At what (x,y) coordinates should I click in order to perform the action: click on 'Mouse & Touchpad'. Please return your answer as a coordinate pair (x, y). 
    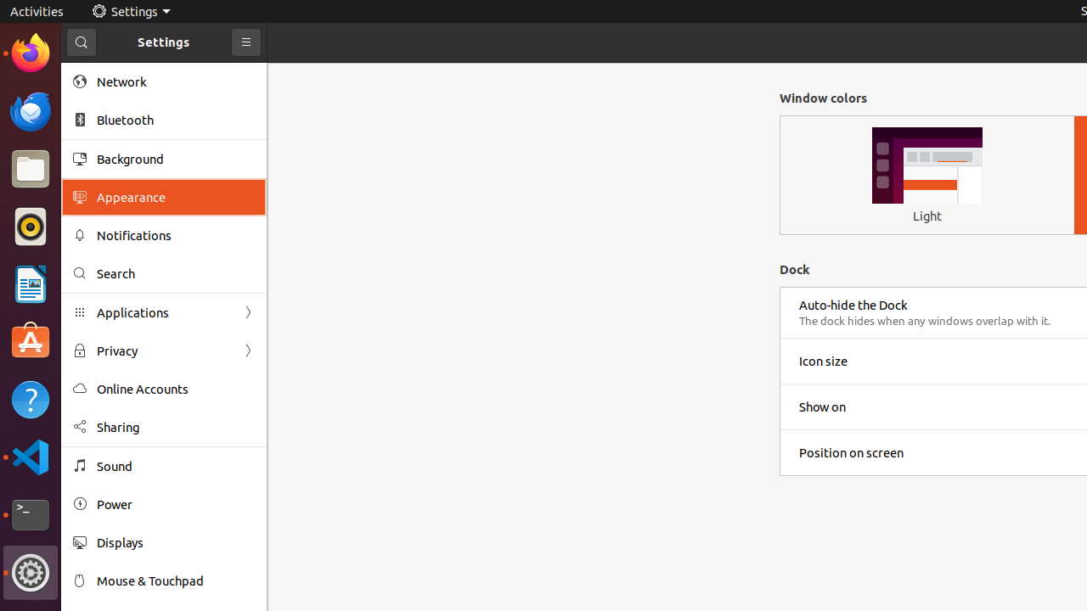
    Looking at the image, I should click on (175, 580).